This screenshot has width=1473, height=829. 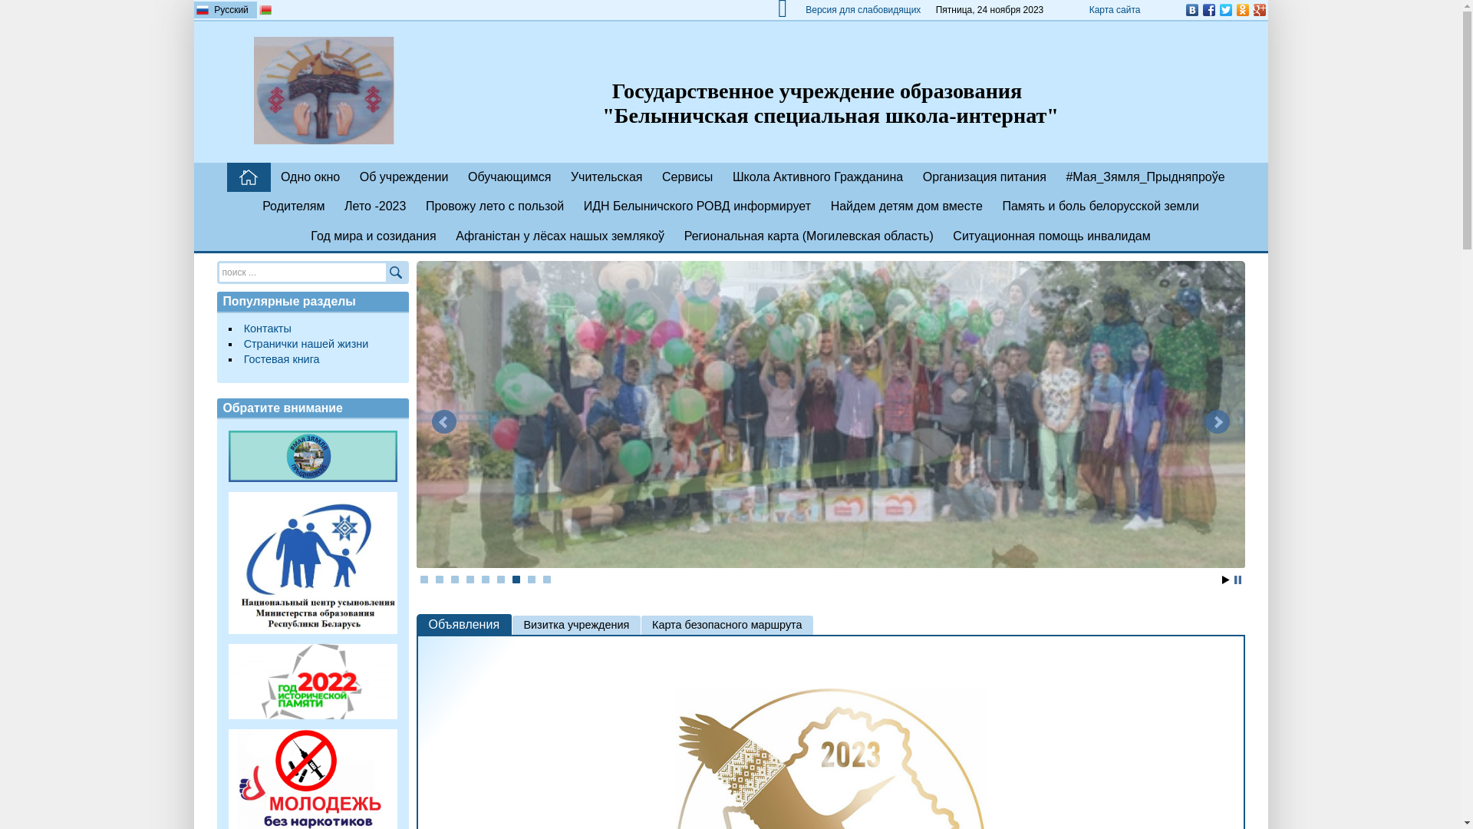 I want to click on '7', so click(x=516, y=580).